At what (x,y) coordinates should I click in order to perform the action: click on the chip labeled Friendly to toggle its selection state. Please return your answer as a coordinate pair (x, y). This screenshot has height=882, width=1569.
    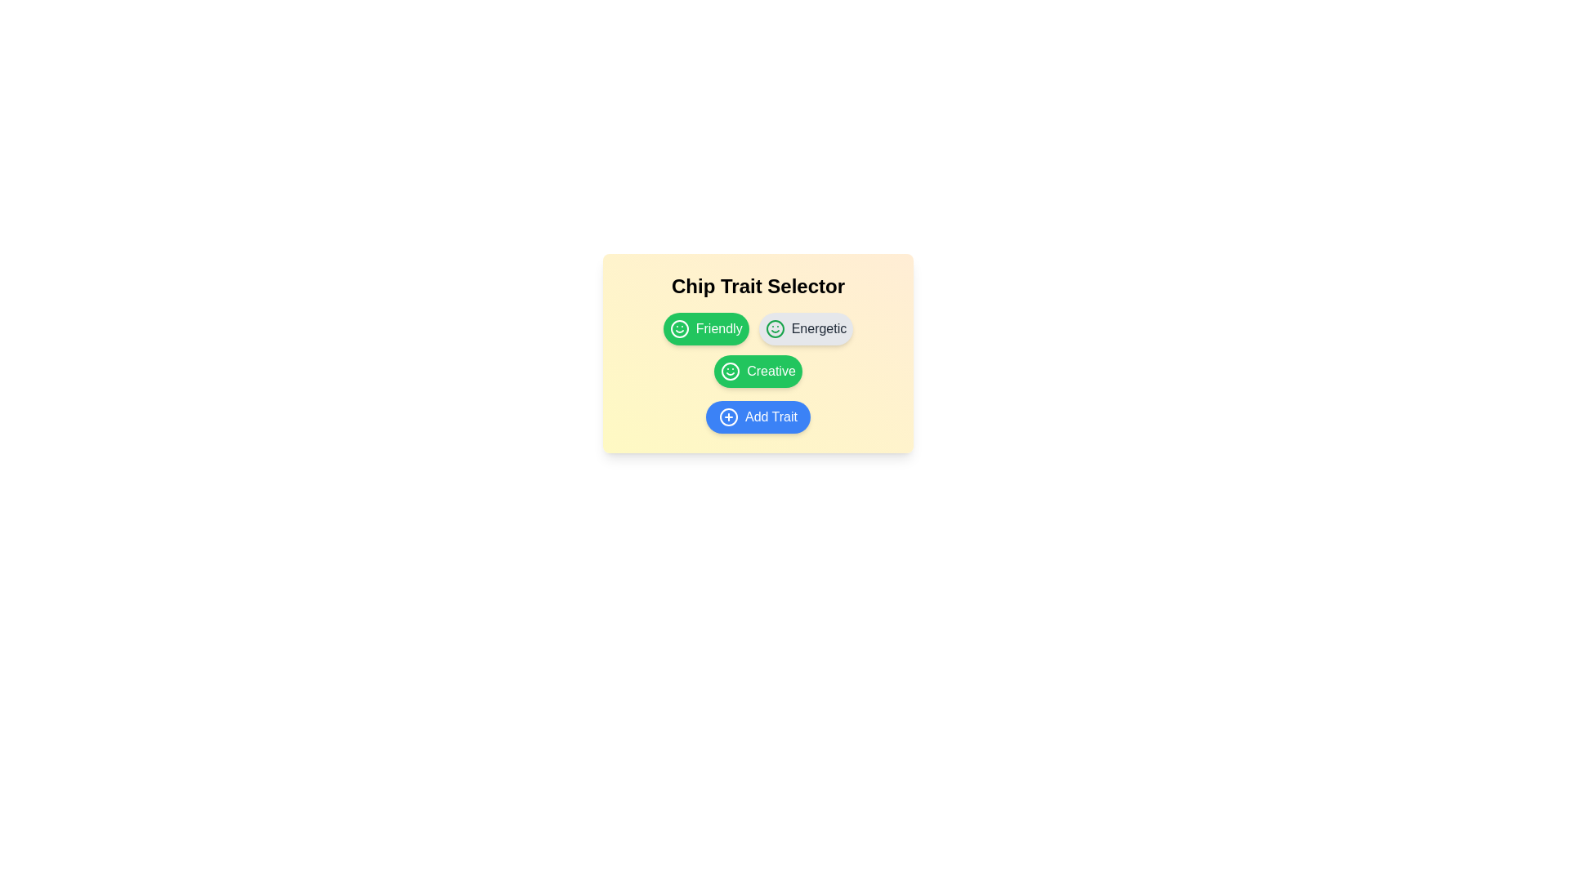
    Looking at the image, I should click on (706, 328).